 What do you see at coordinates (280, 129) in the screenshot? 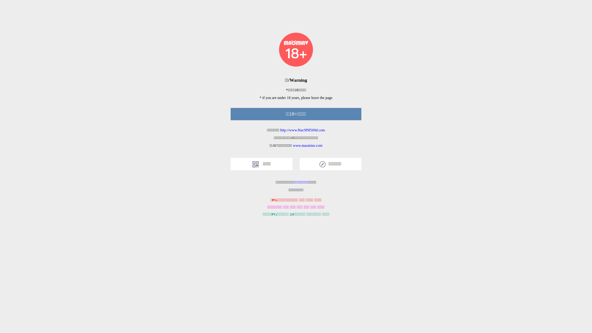
I see `'http://www.f6ac9f9f509d.com'` at bounding box center [280, 129].